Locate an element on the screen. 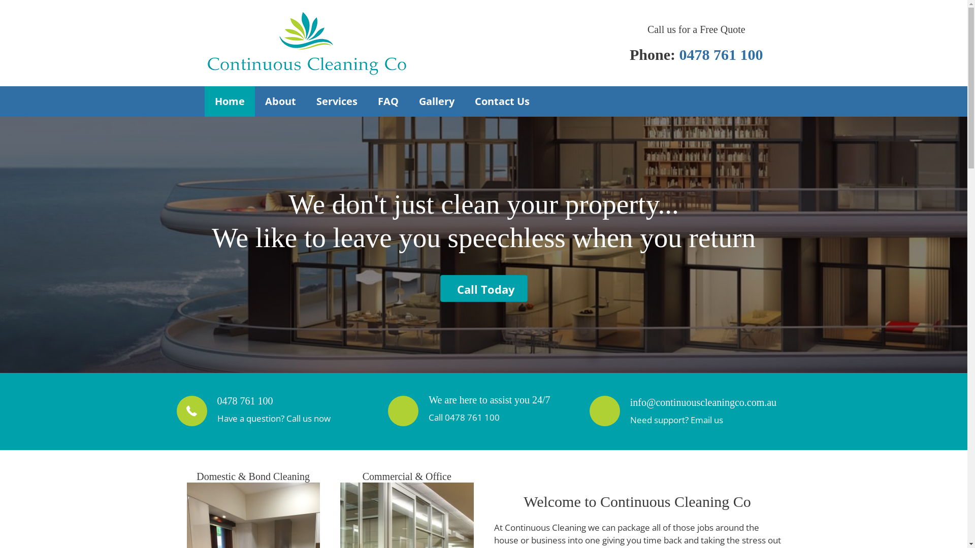 The image size is (975, 548). 'Services' is located at coordinates (336, 101).